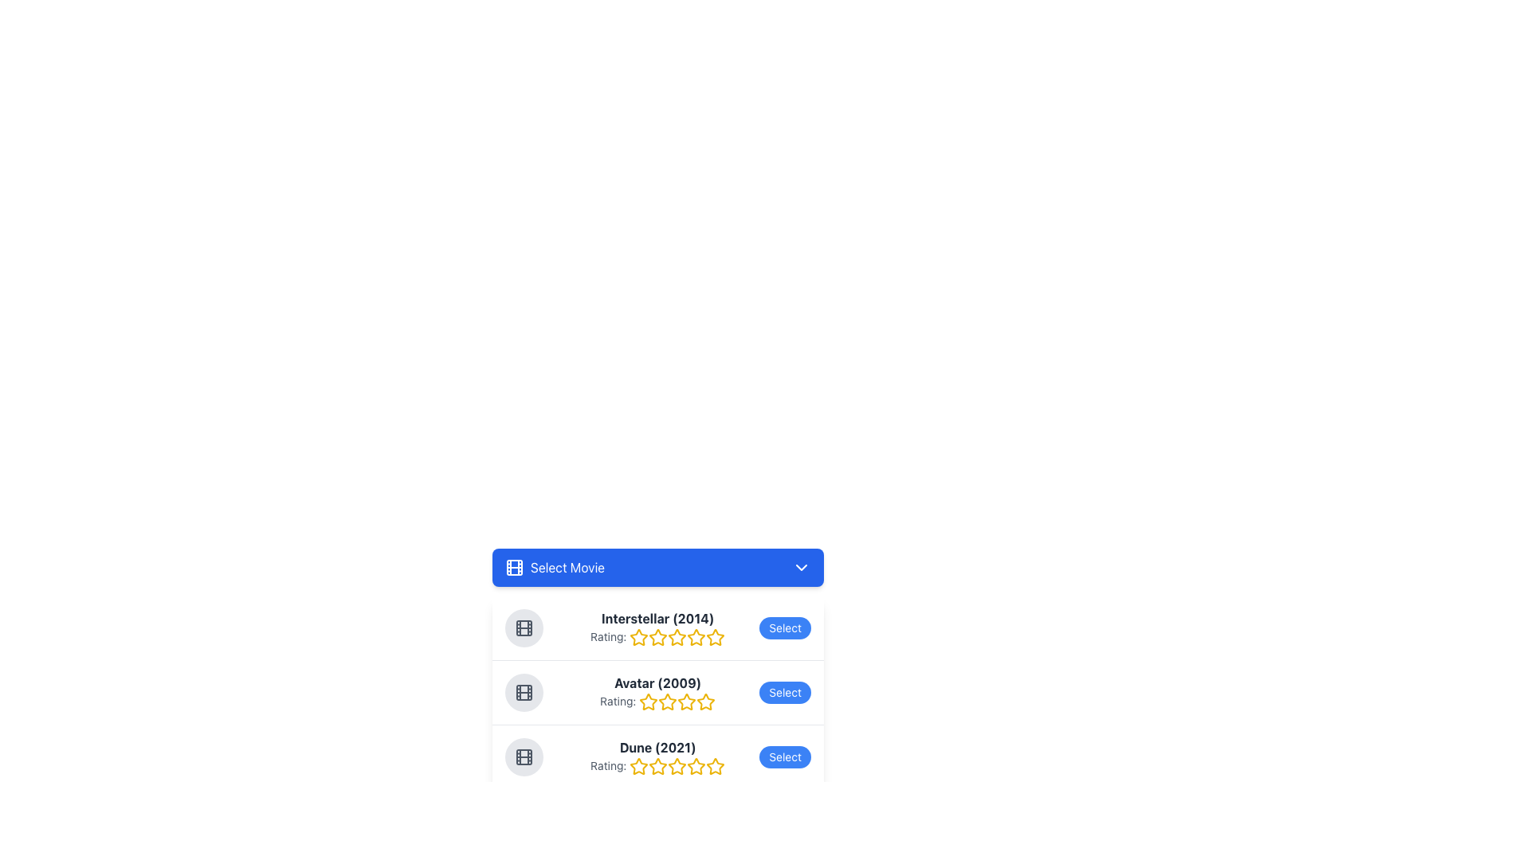  Describe the element at coordinates (524, 692) in the screenshot. I see `the Avatar icon representing the movie 'Avatar (2009)'` at that location.